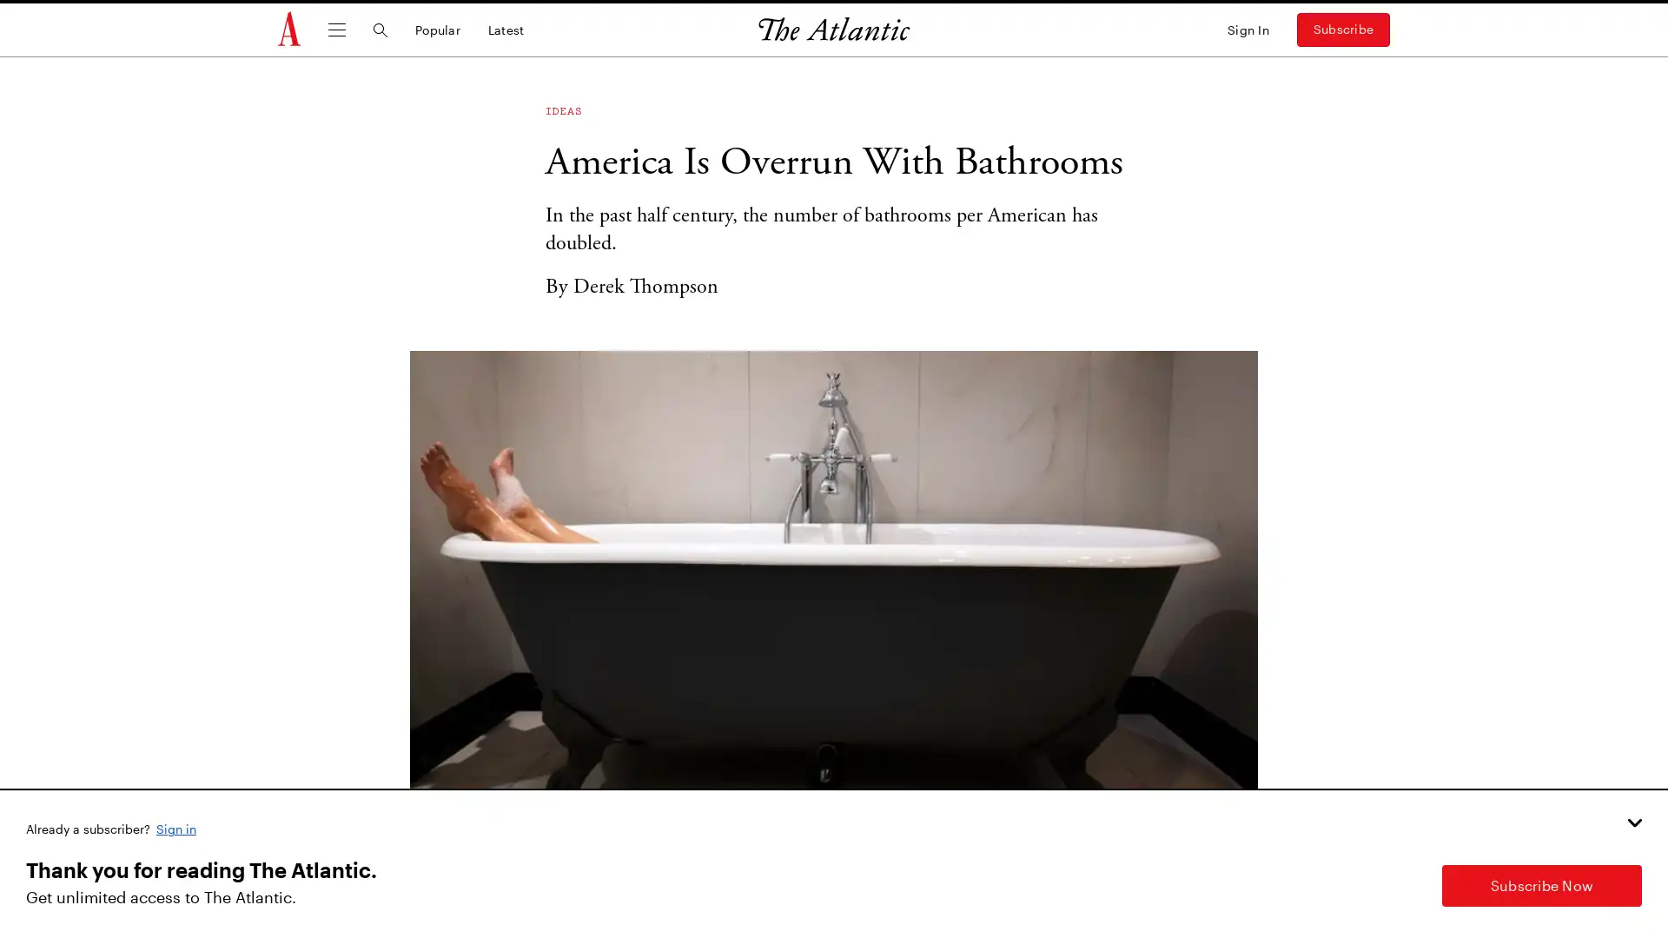 The height and width of the screenshot is (938, 1668). Describe the element at coordinates (177, 827) in the screenshot. I see `Sign in` at that location.